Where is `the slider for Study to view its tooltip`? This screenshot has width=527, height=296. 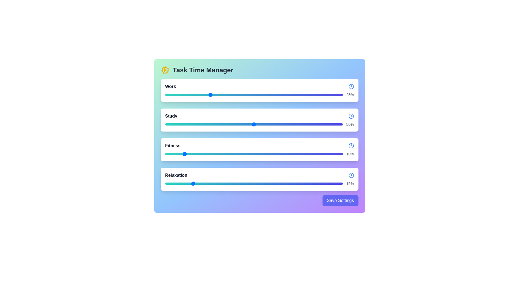
the slider for Study to view its tooltip is located at coordinates (254, 124).